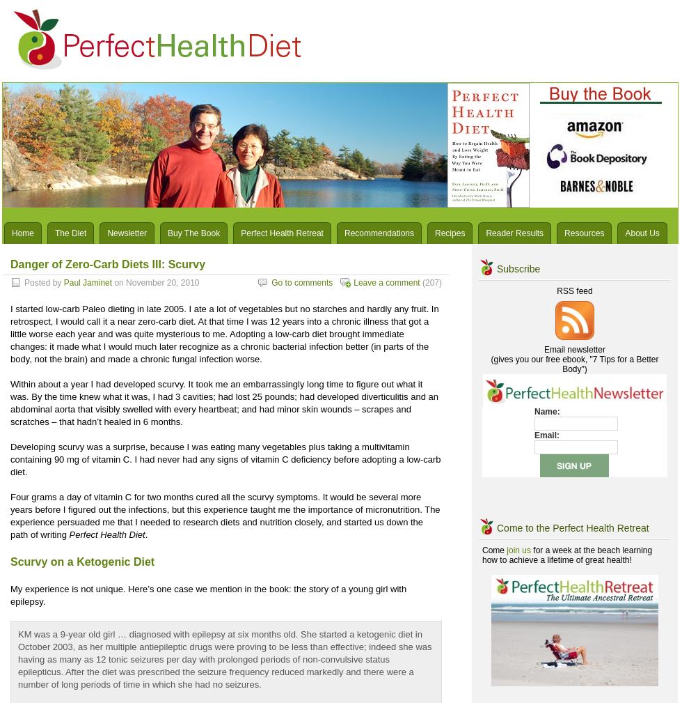  Describe the element at coordinates (494, 550) in the screenshot. I see `'Come'` at that location.